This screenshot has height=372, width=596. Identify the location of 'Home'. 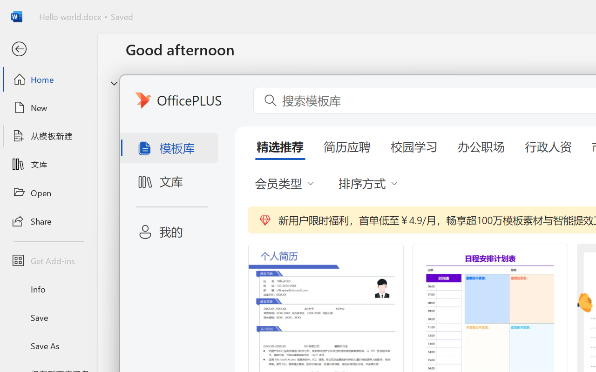
(48, 79).